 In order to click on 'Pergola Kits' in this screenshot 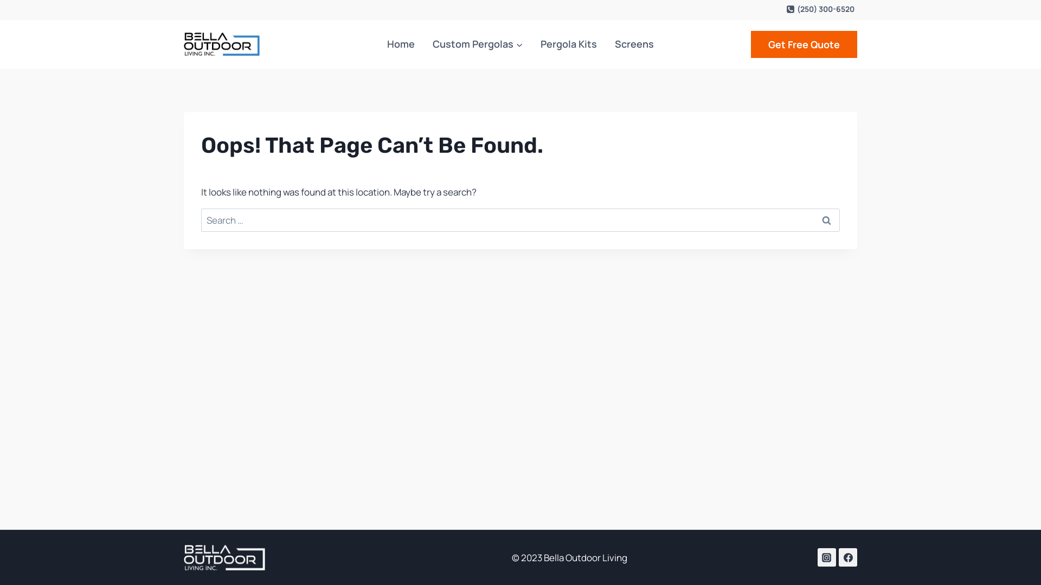, I will do `click(568, 43)`.